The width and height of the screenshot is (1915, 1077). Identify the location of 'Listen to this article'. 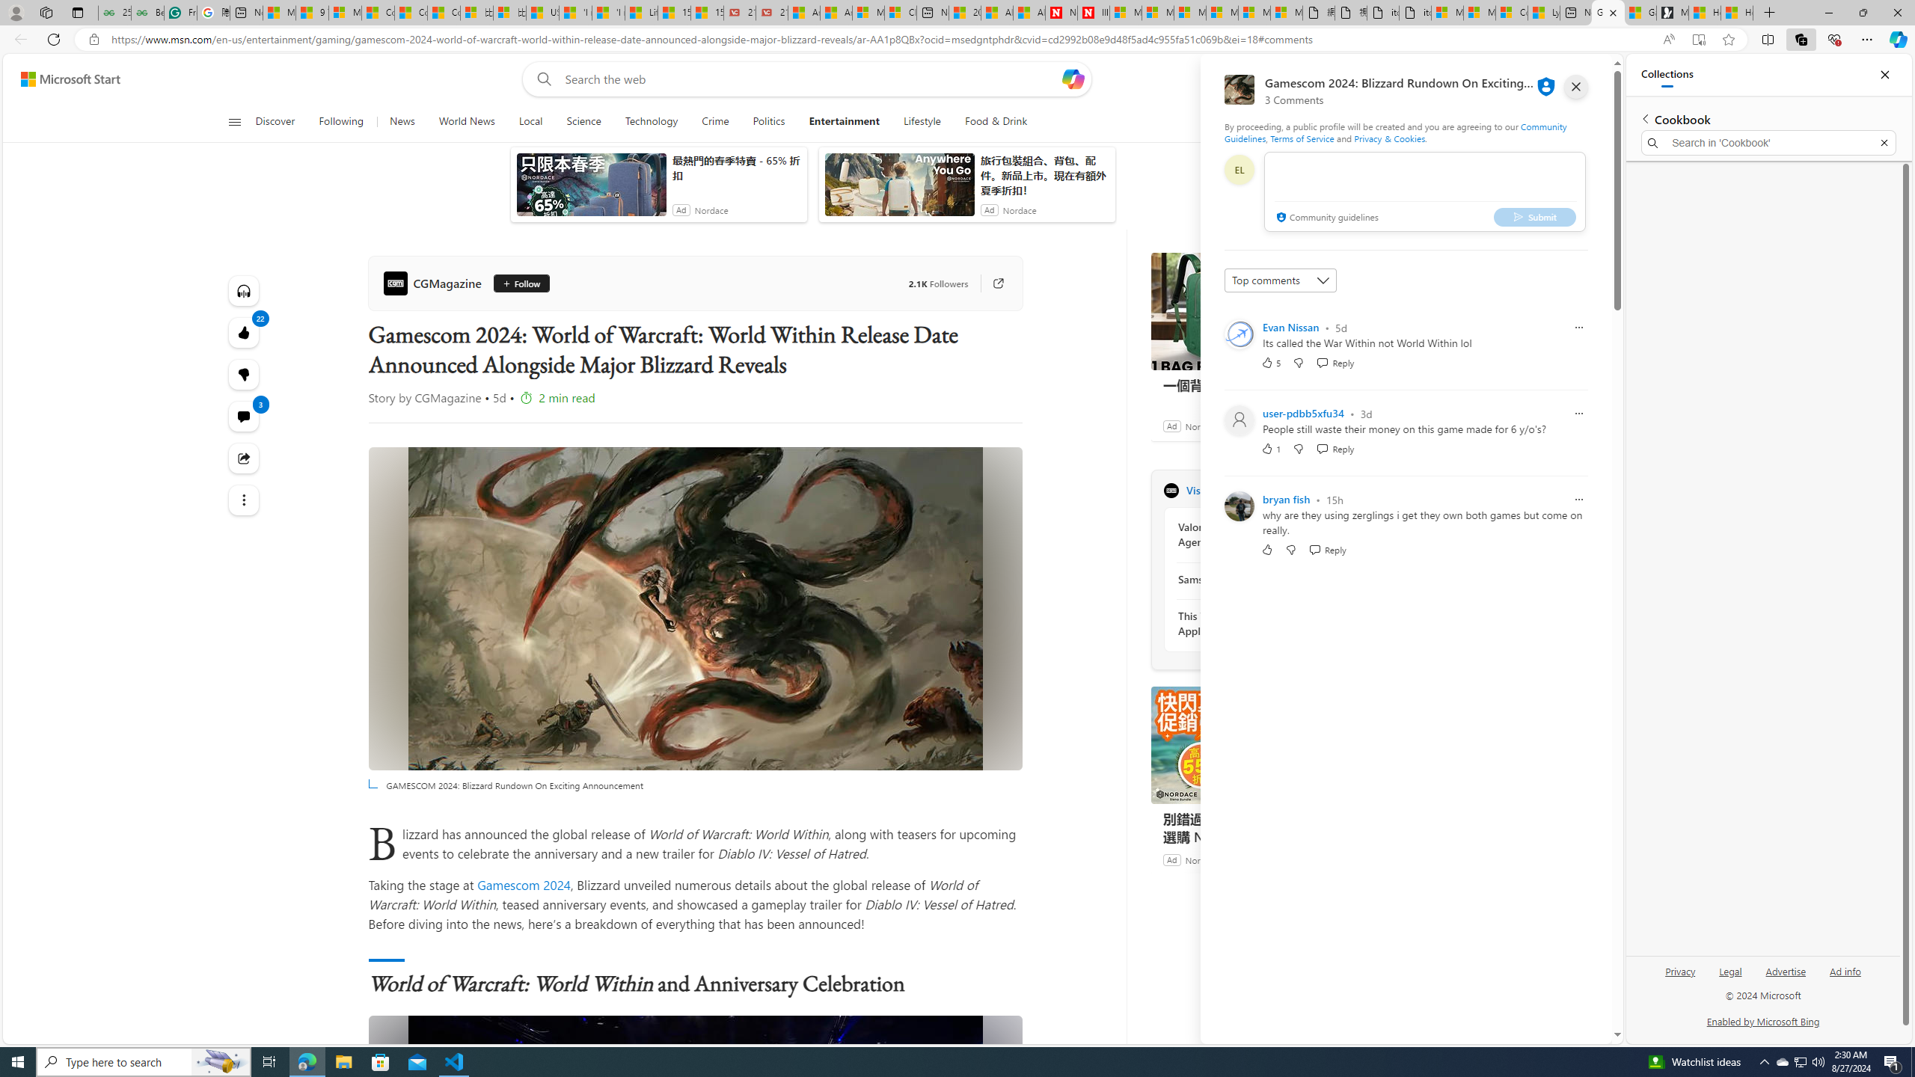
(243, 289).